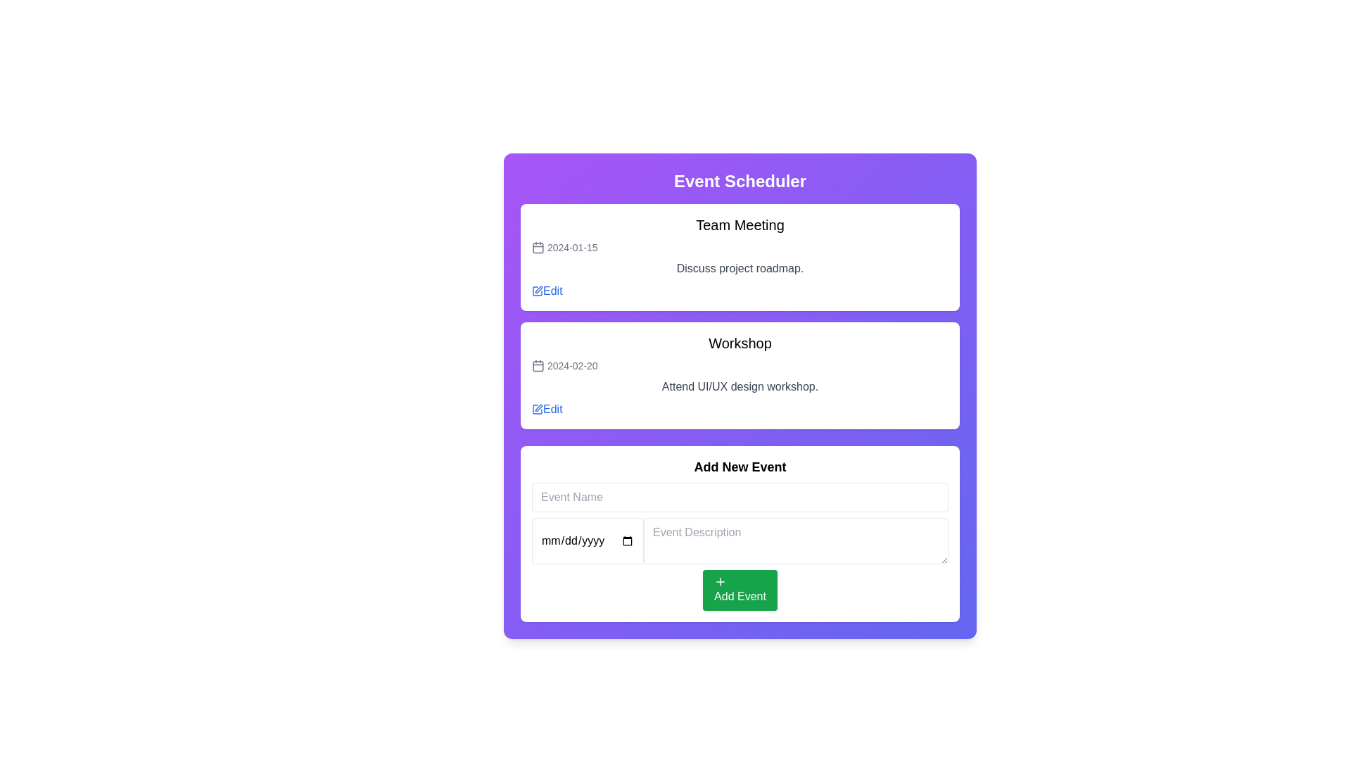 This screenshot has width=1351, height=760. I want to click on the descriptive label for the 'Workshop' event, which follows the date '2024-02-20' and precedes the 'Edit' button, so click(739, 387).